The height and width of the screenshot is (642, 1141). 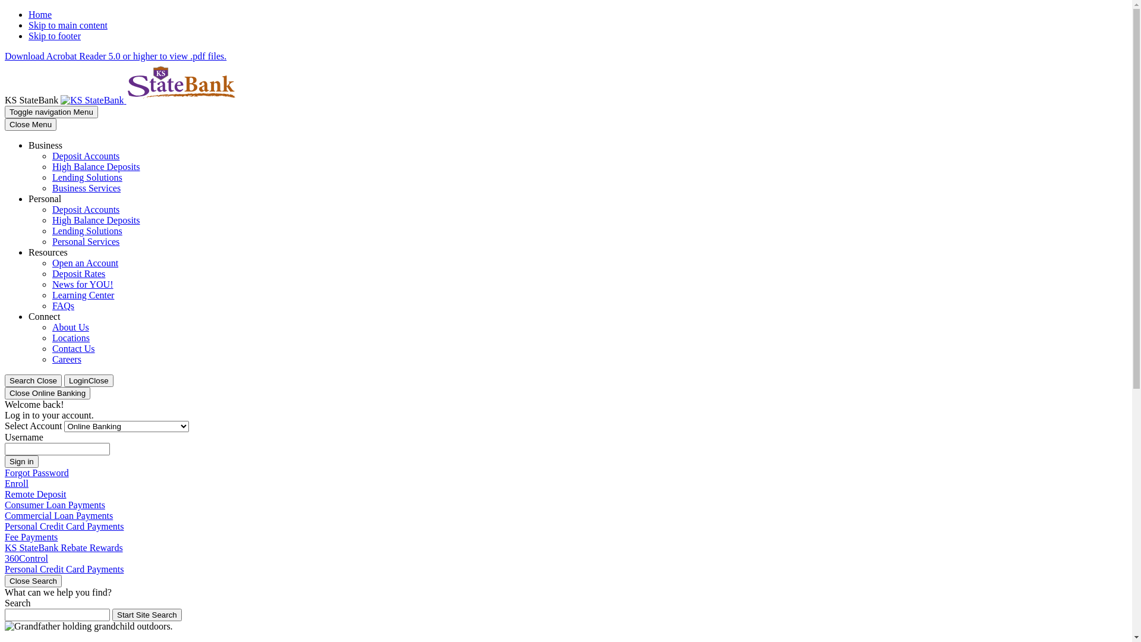 I want to click on 'Personal Credit Card Payments', so click(x=64, y=568).